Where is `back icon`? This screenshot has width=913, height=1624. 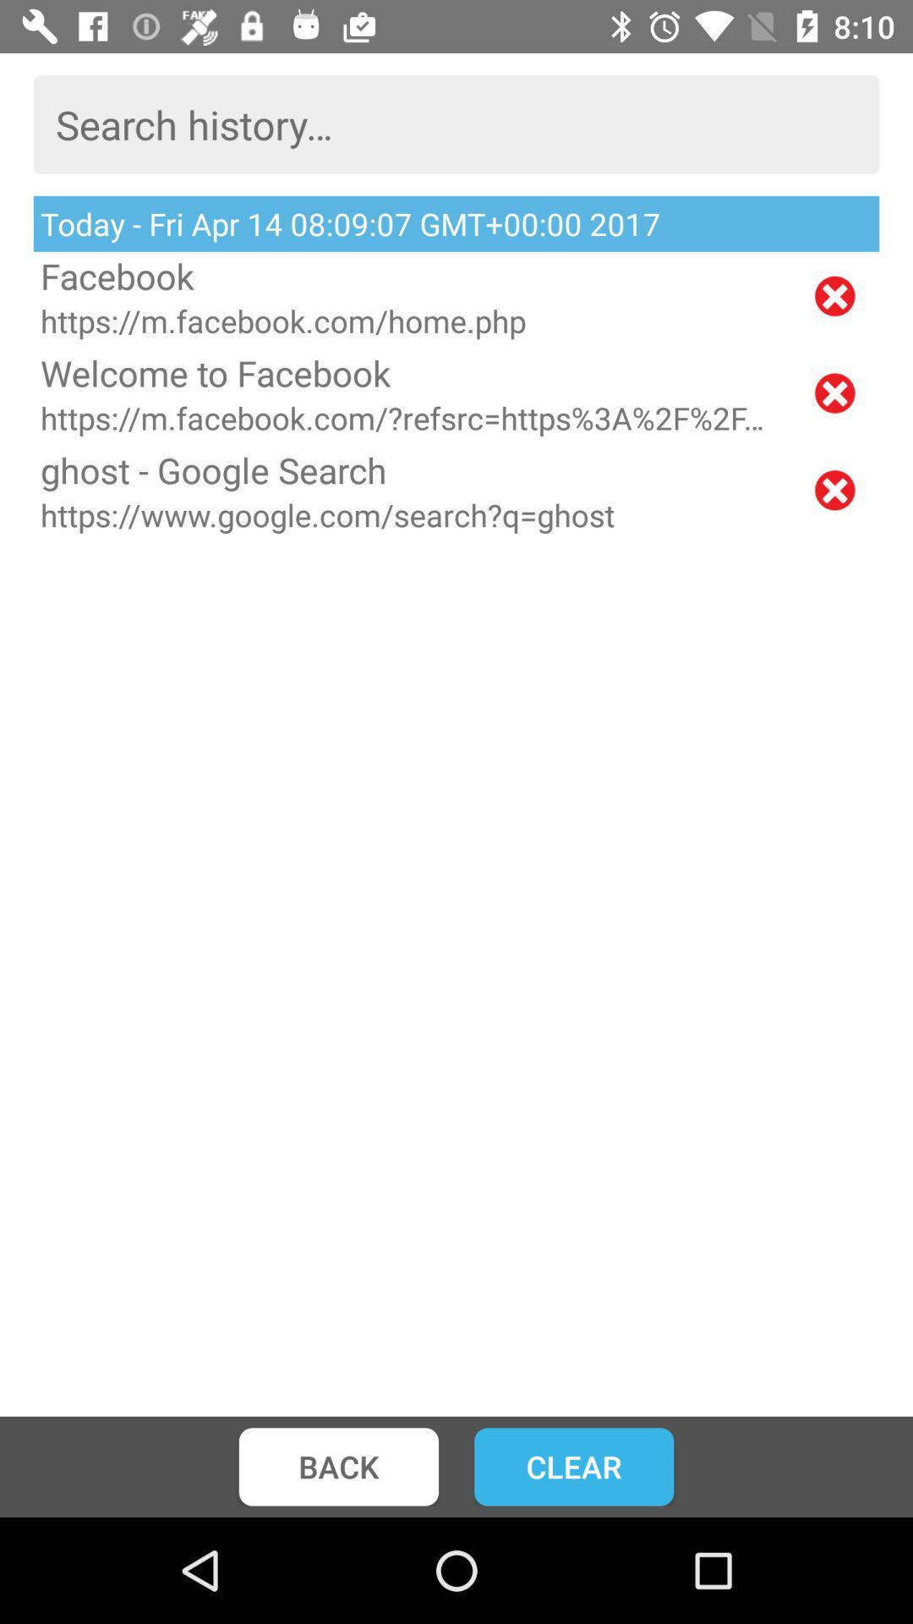 back icon is located at coordinates (338, 1466).